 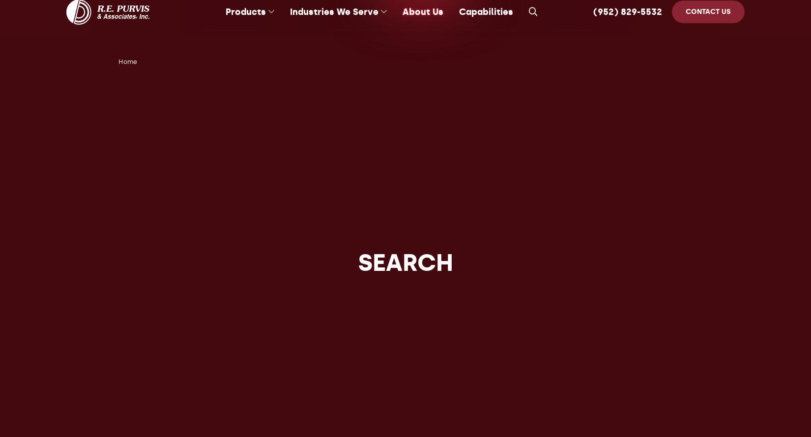 What do you see at coordinates (225, 89) in the screenshot?
I see `'Pneumatic Seals'` at bounding box center [225, 89].